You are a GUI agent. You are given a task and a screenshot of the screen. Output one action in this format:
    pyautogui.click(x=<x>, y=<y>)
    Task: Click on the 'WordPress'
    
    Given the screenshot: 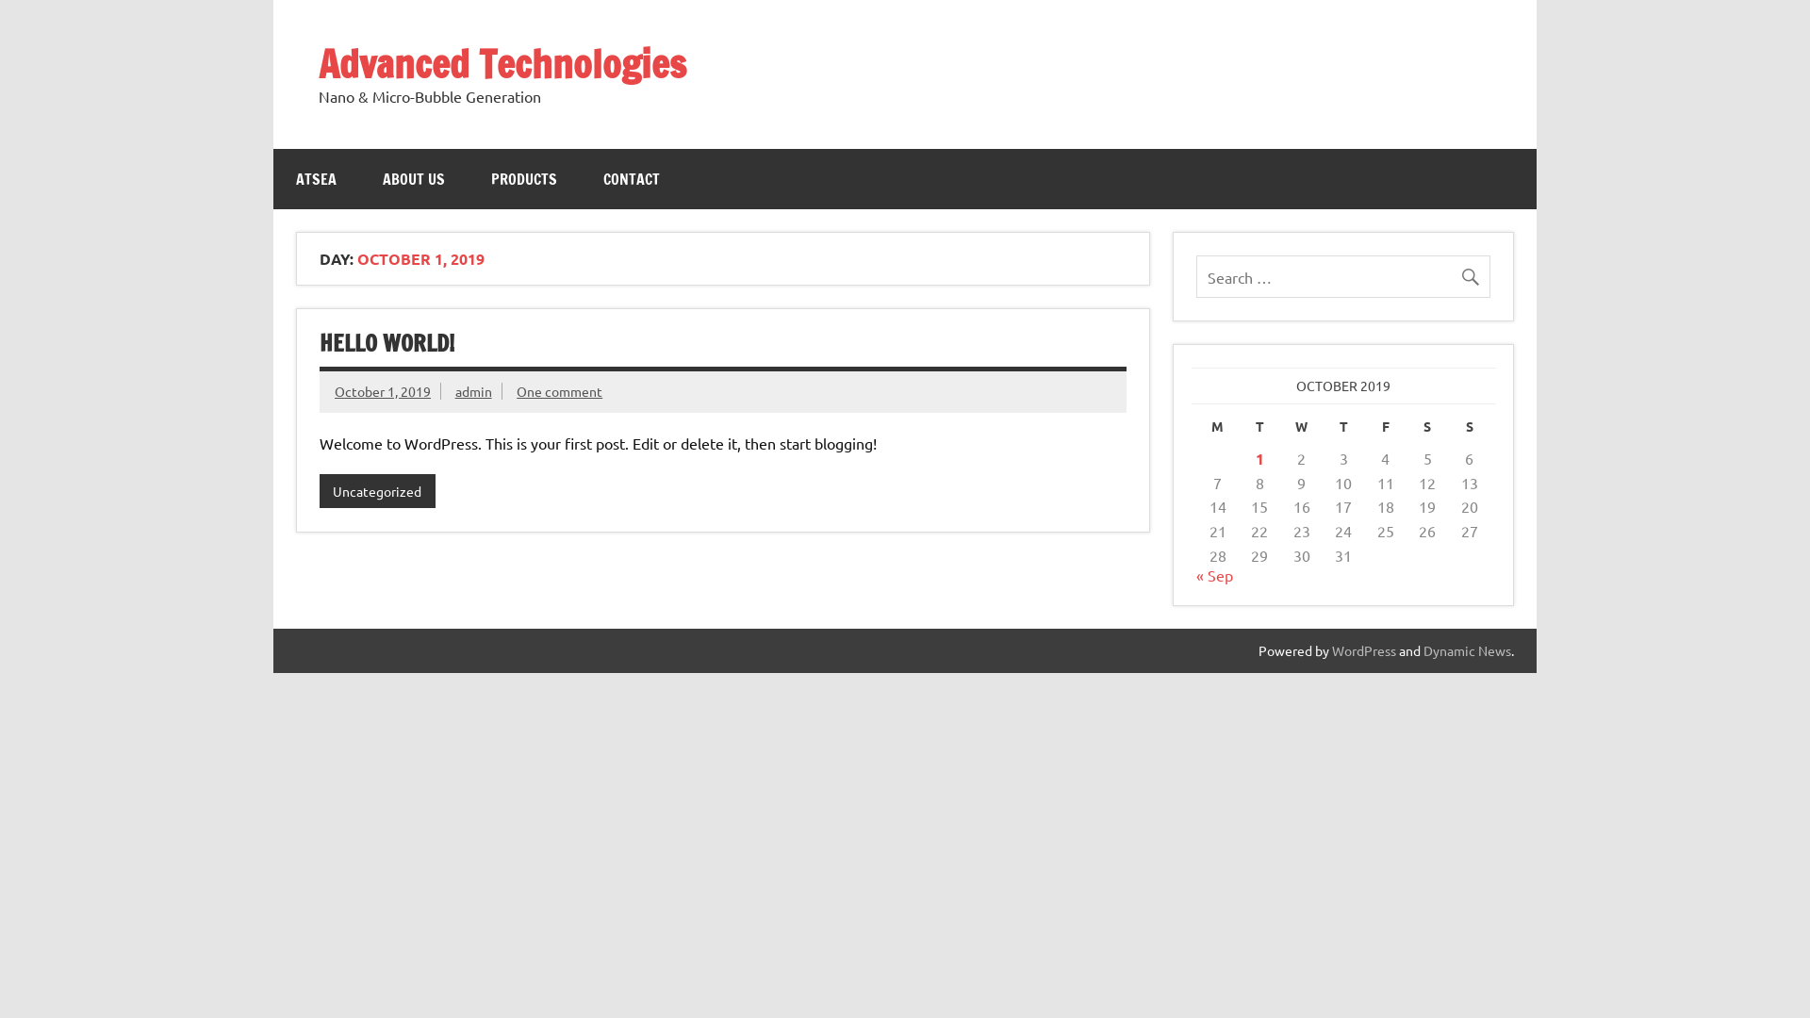 What is the action you would take?
    pyautogui.click(x=1363, y=649)
    